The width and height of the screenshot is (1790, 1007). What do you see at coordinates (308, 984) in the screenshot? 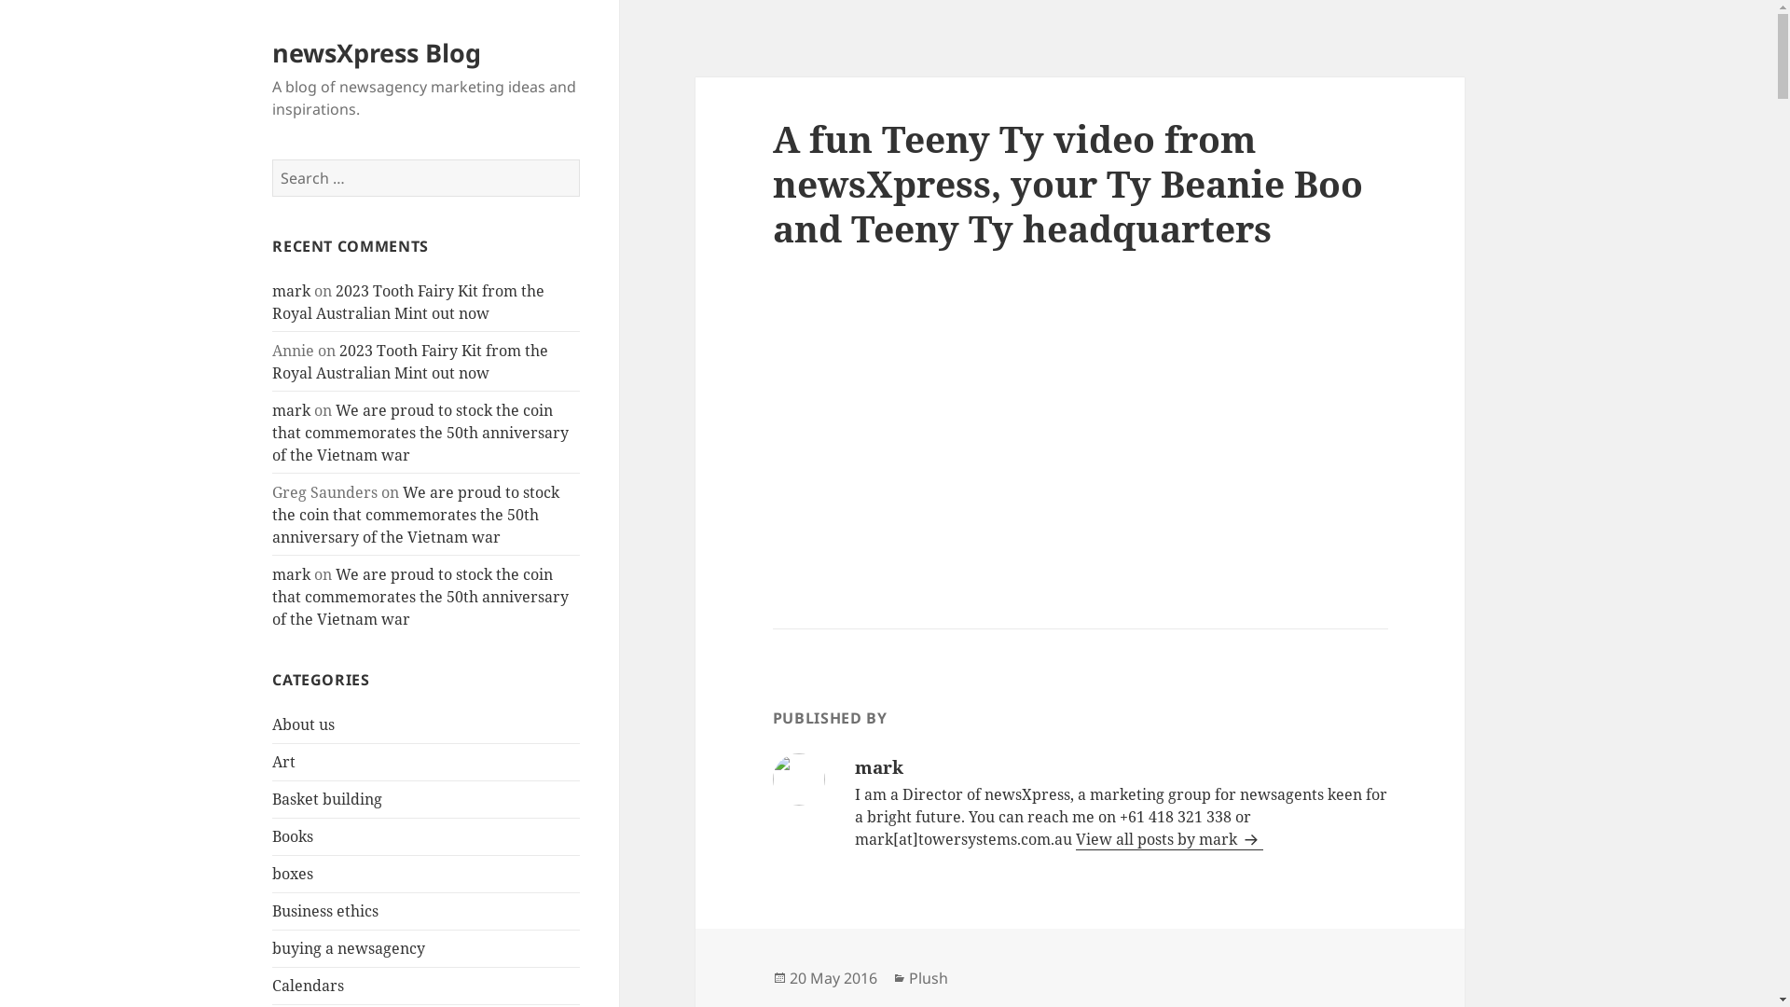
I see `'Calendars'` at bounding box center [308, 984].